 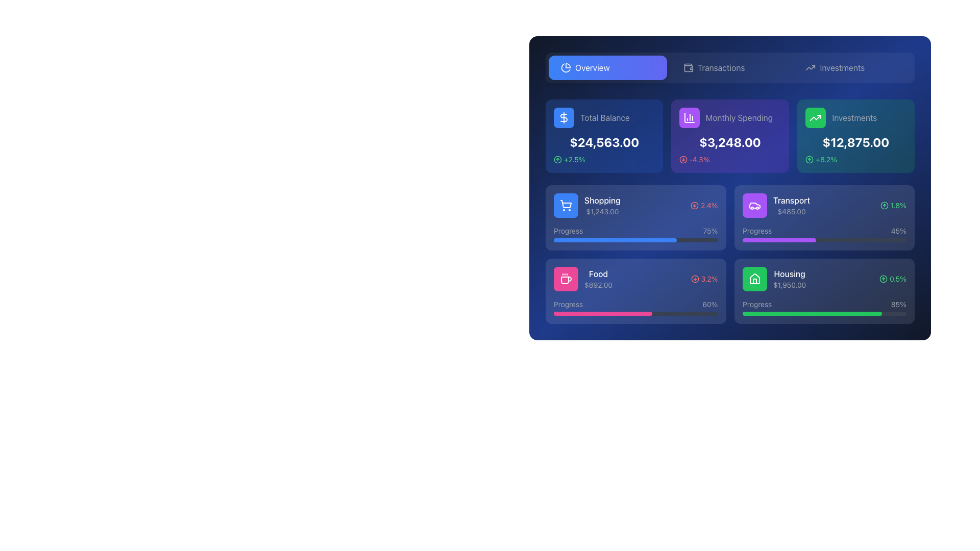 I want to click on the text element displaying '45%' in a white sans-serif font on a blue background, located in the bottom right corner of the 'Transport' card, so click(x=898, y=231).